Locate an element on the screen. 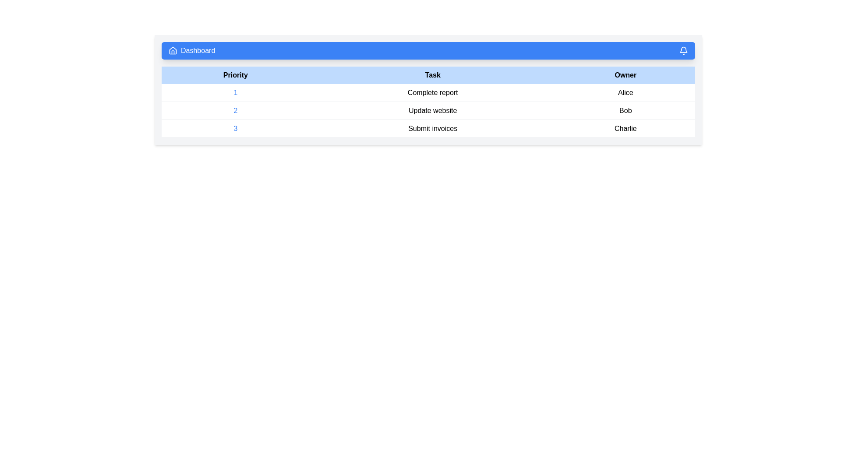  the navigation label indicating the current section, located immediately to the right of the house-shaped icon is located at coordinates (191, 50).